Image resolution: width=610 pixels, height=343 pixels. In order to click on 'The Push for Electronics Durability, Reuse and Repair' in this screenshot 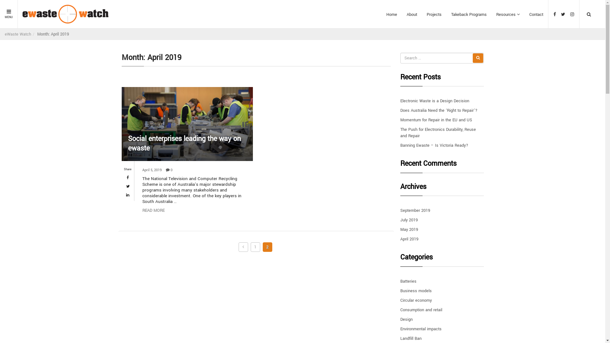, I will do `click(437, 132)`.